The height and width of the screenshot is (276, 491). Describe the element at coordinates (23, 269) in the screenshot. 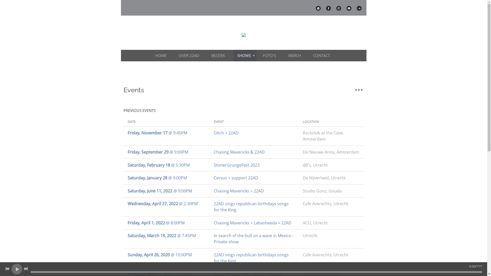

I see `'Next track'` at that location.